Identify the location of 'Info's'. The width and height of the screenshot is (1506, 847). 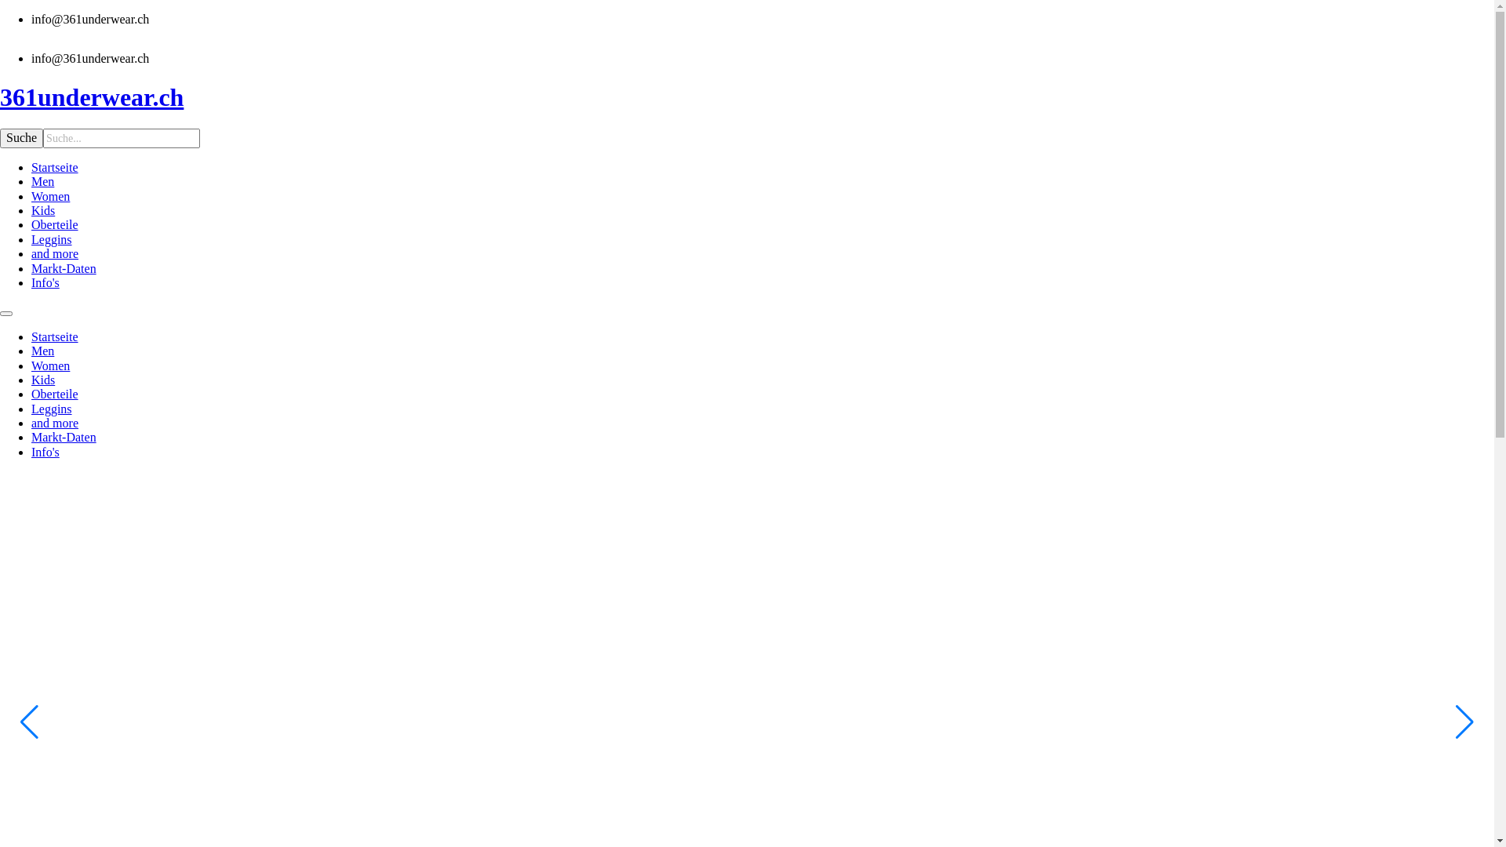
(31, 452).